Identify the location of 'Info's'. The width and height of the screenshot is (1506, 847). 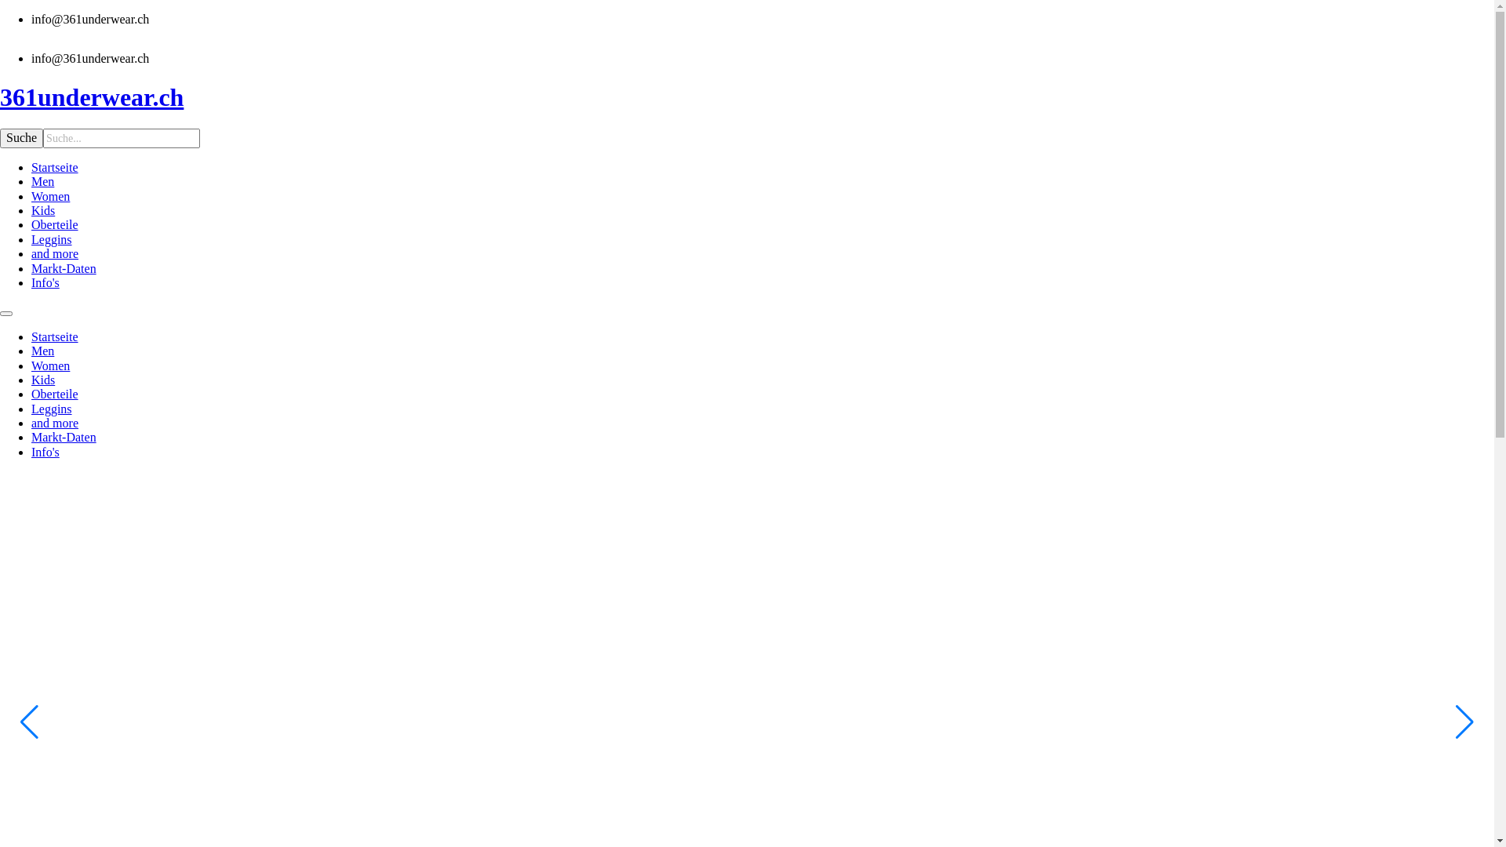
(31, 452).